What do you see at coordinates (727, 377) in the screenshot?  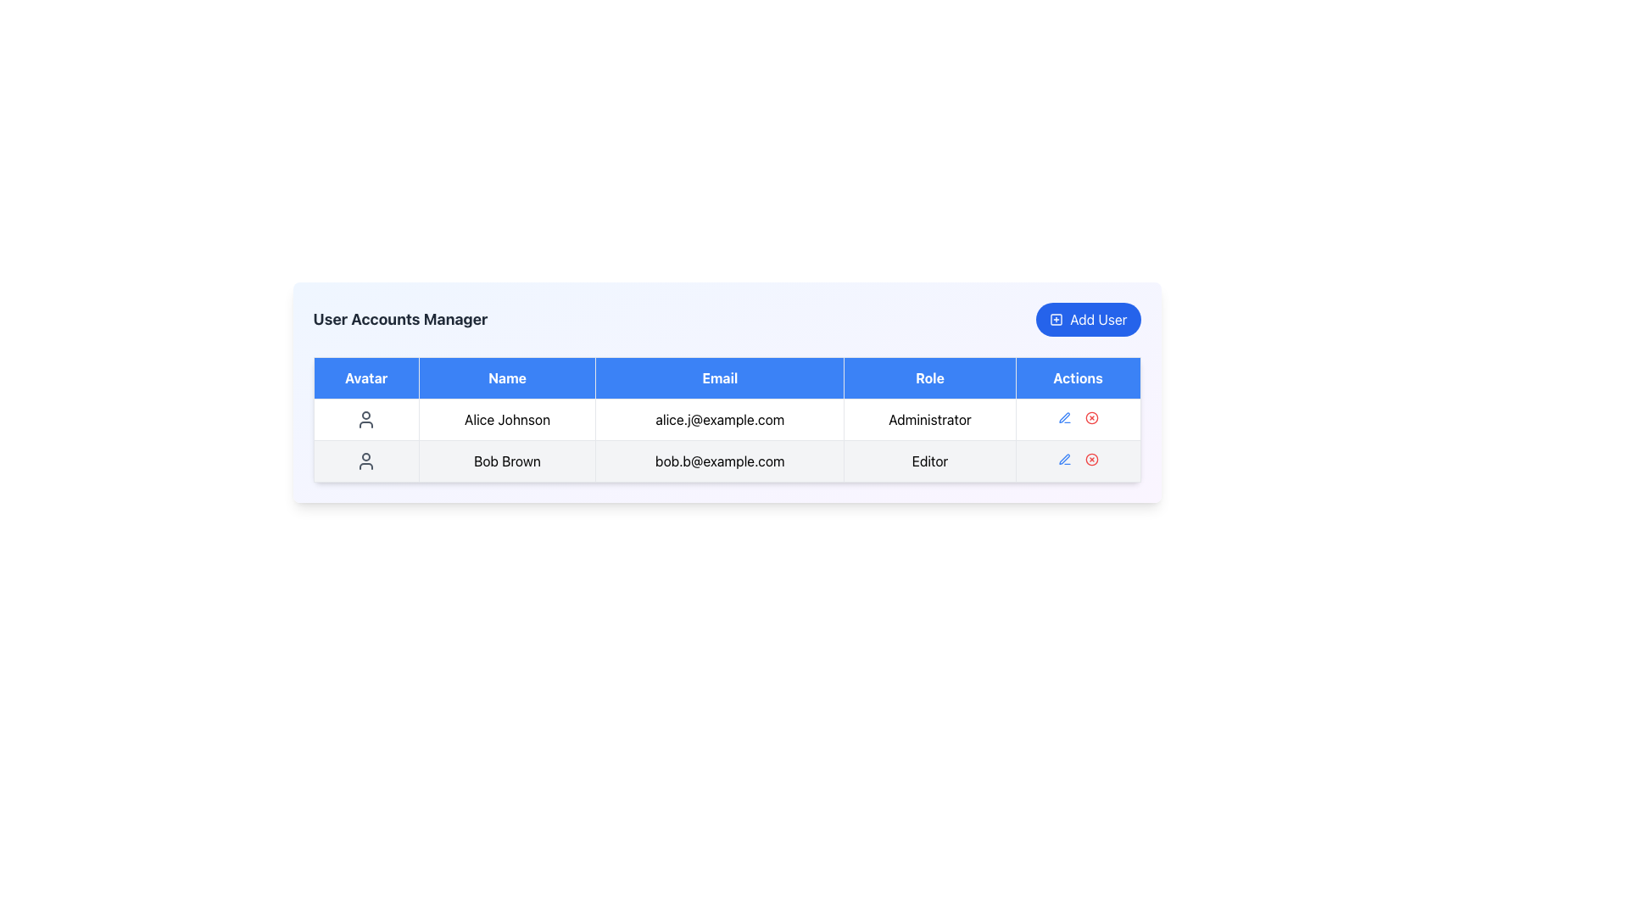 I see `the Table Header Row, which has a bright blue background and white text, featuring sections labeled 'Avatar', 'Name', 'Email', 'Role', and 'Actions'` at bounding box center [727, 377].